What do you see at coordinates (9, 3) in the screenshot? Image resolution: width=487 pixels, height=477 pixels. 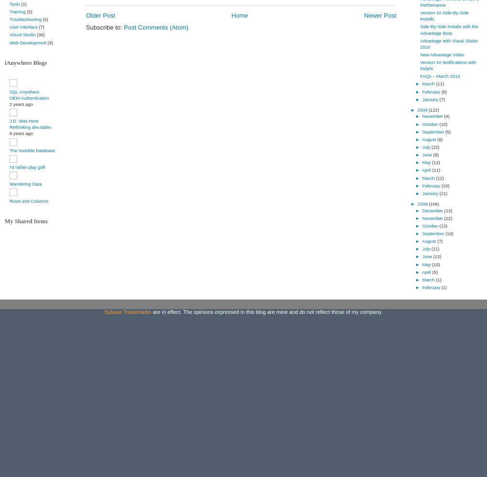 I see `'Tools'` at bounding box center [9, 3].